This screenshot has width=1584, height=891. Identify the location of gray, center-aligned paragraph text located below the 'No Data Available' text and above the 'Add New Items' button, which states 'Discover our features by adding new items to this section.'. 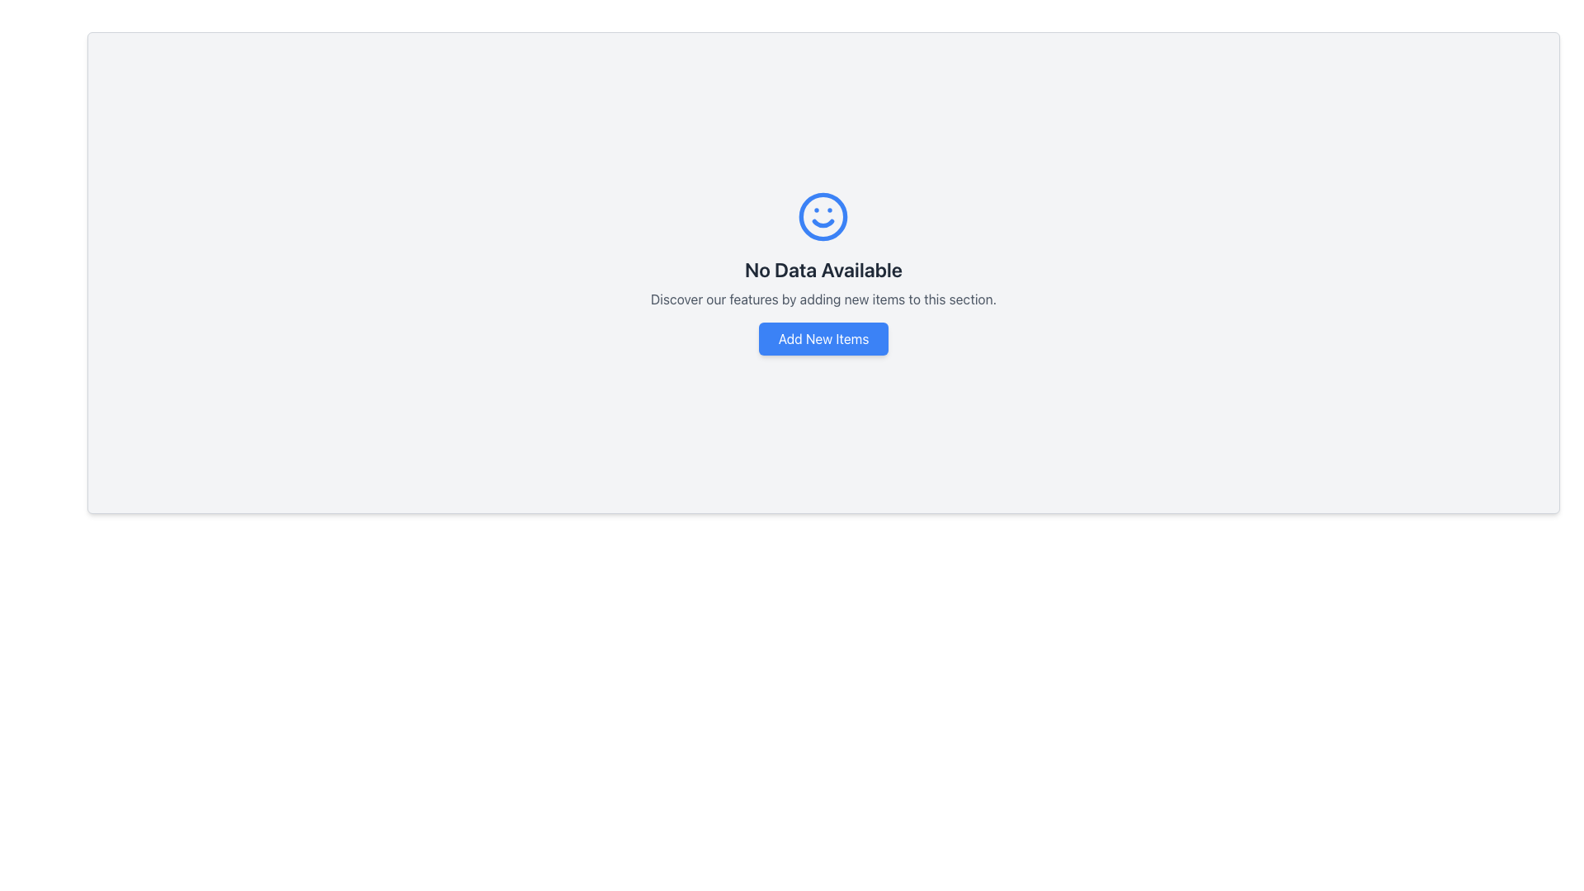
(823, 299).